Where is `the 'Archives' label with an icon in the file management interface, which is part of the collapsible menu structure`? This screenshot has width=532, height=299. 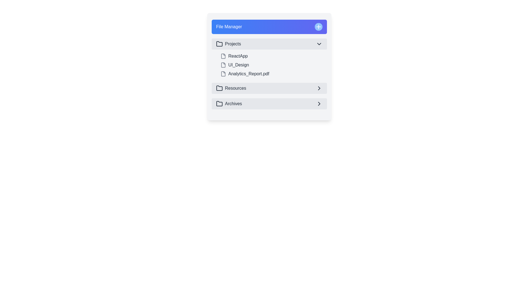 the 'Archives' label with an icon in the file management interface, which is part of the collapsible menu structure is located at coordinates (229, 104).